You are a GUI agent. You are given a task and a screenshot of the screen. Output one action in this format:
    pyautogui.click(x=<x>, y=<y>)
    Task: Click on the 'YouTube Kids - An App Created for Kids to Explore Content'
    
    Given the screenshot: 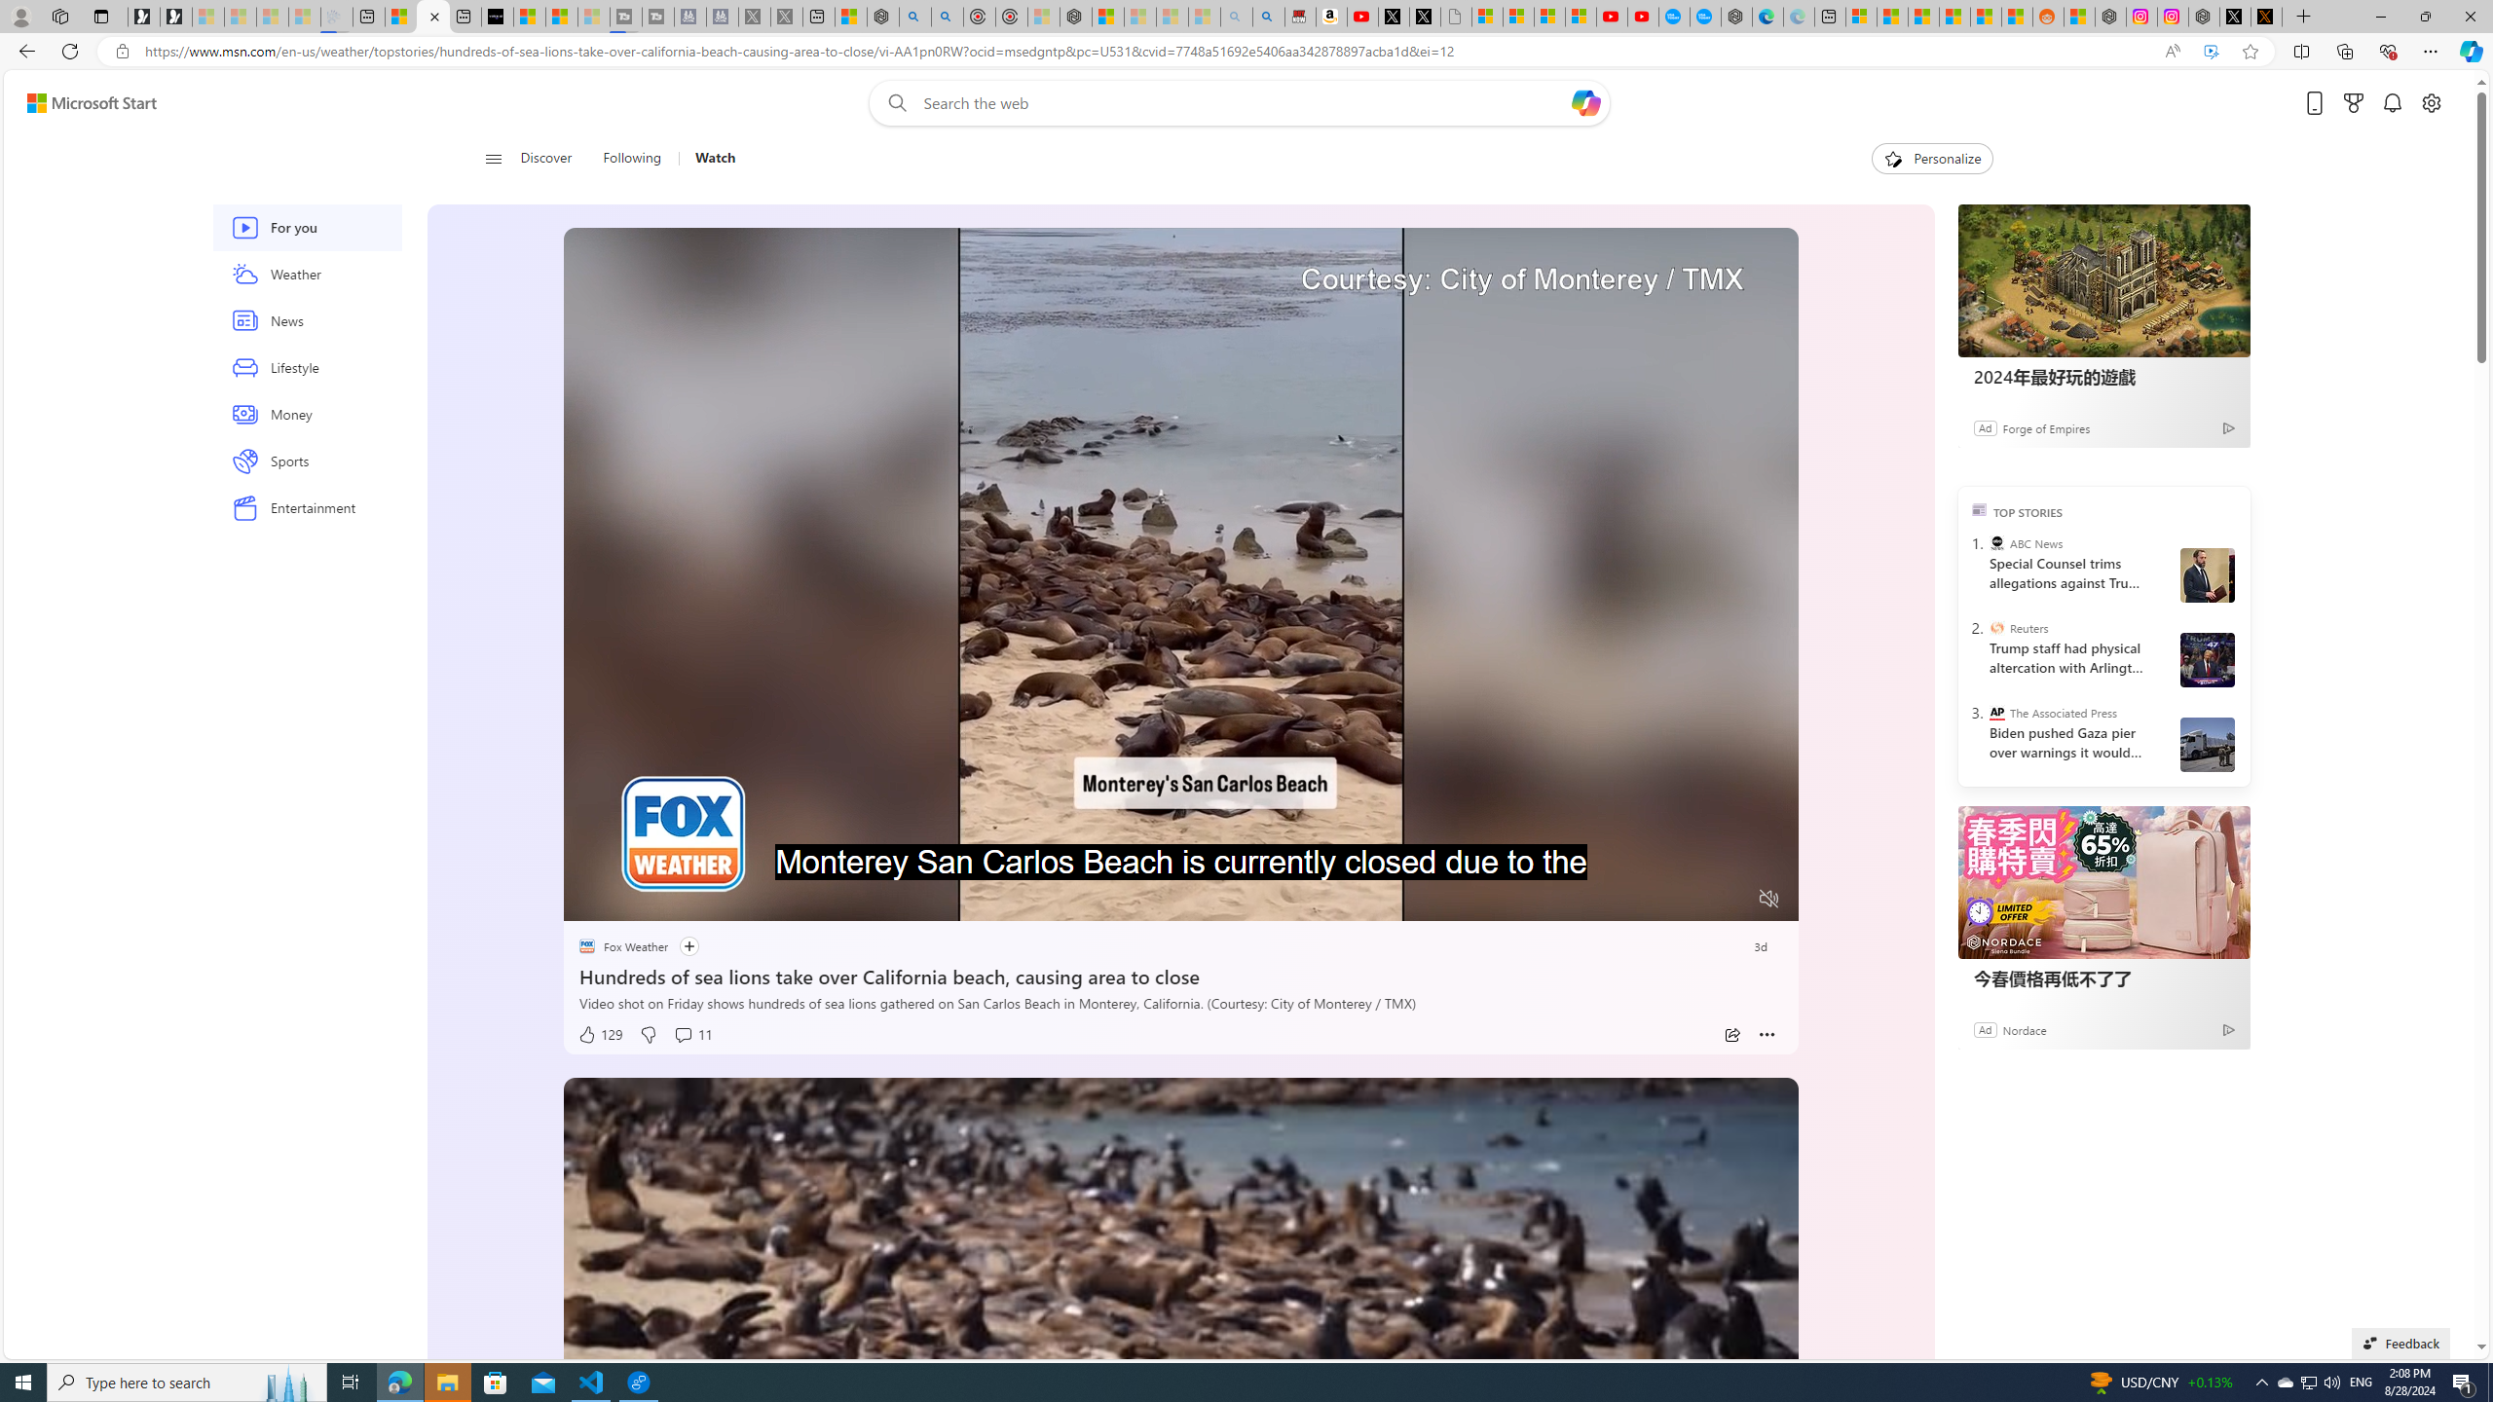 What is the action you would take?
    pyautogui.click(x=1643, y=16)
    